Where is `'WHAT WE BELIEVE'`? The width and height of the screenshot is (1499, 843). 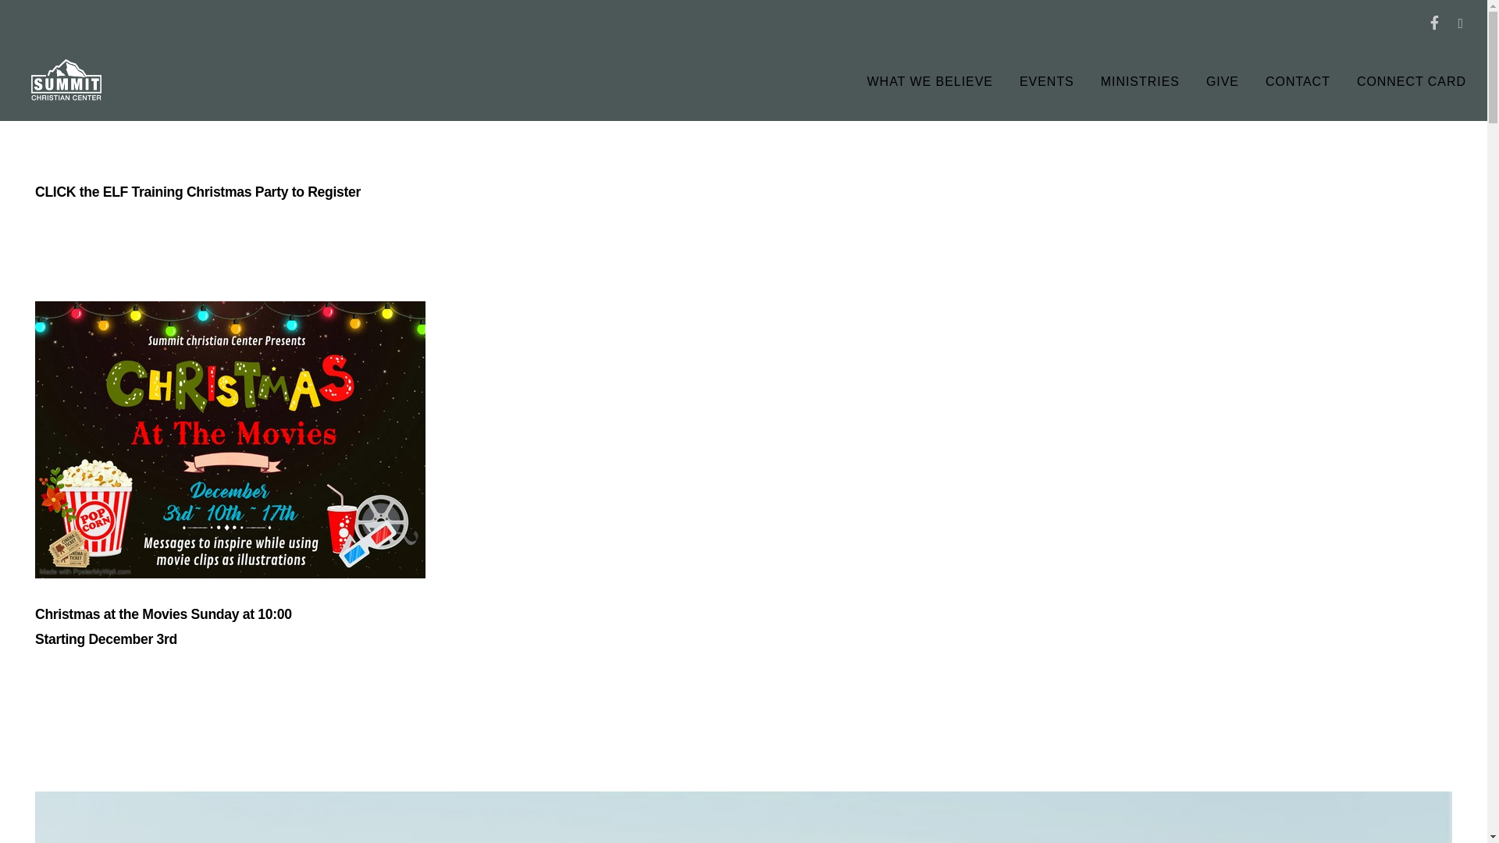
'WHAT WE BELIEVE' is located at coordinates (930, 81).